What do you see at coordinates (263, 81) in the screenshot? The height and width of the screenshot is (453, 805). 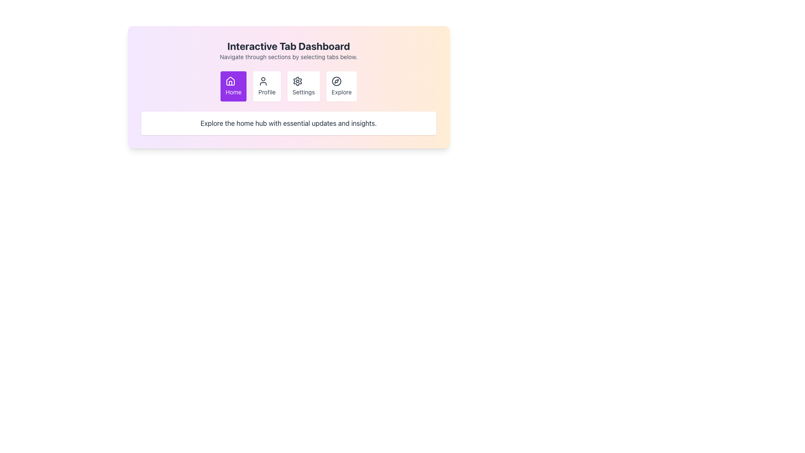 I see `the user profile icon within the 'Profile' button` at bounding box center [263, 81].